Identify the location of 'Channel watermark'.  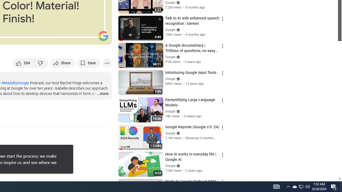
(103, 36).